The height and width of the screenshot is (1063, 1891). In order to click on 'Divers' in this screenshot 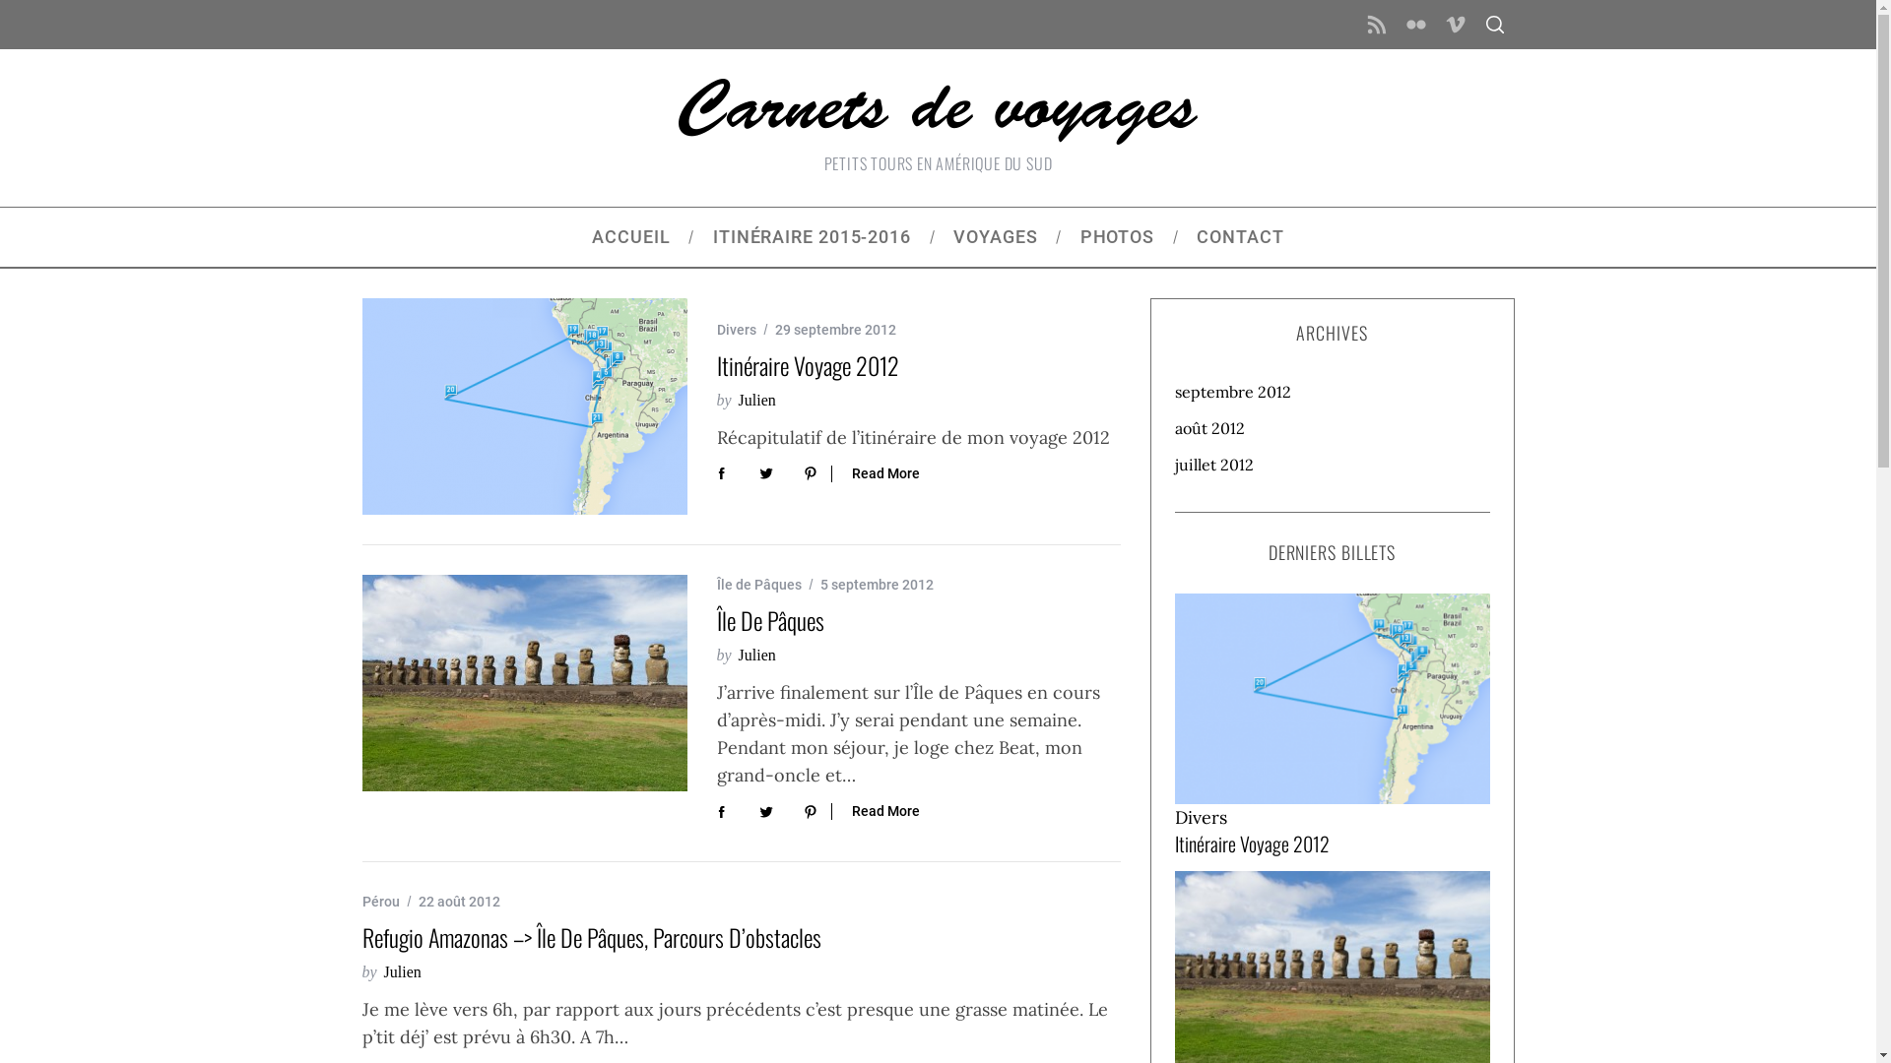, I will do `click(1173, 817)`.